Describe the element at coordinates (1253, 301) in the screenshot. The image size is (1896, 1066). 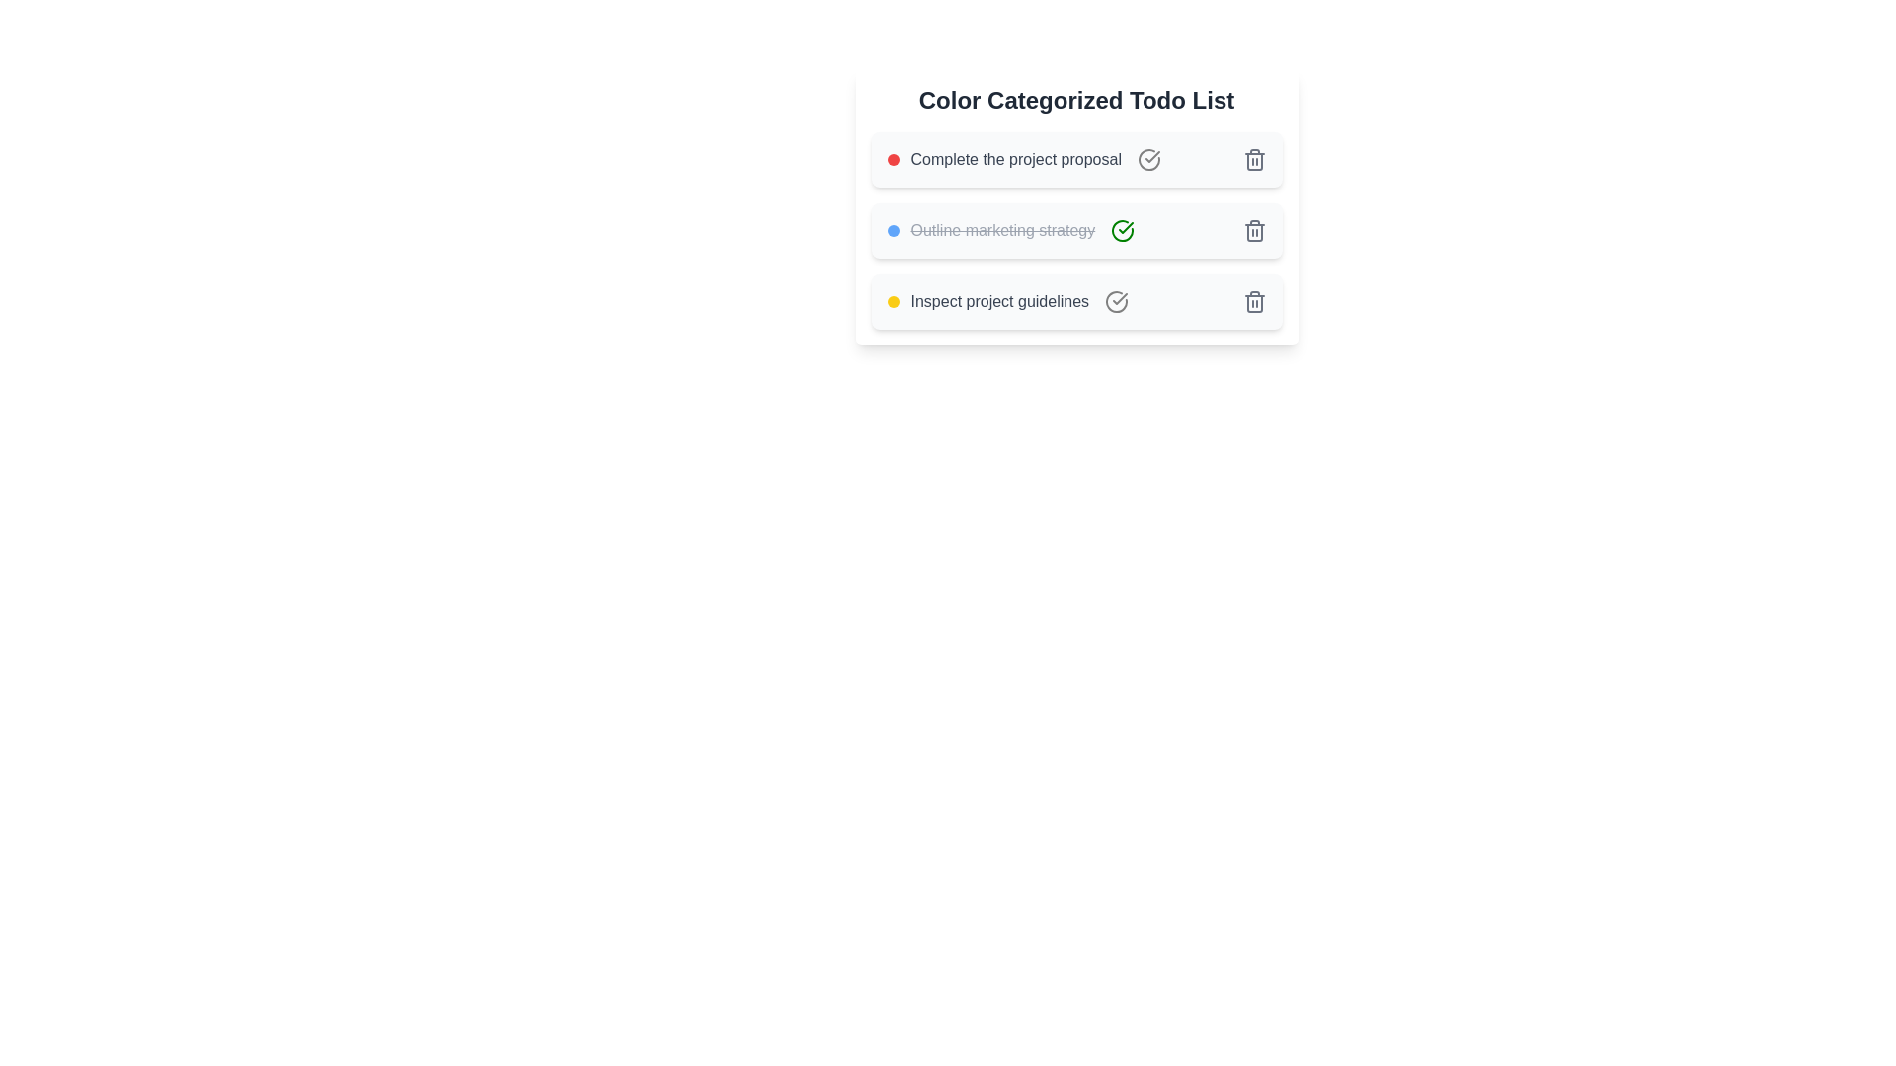
I see `the delete button for the task labeled 'Inspect project guidelines'` at that location.